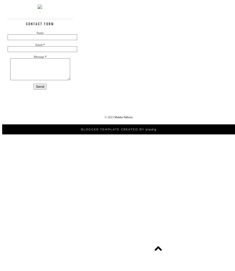 The height and width of the screenshot is (271, 235). What do you see at coordinates (40, 33) in the screenshot?
I see `'Name'` at bounding box center [40, 33].